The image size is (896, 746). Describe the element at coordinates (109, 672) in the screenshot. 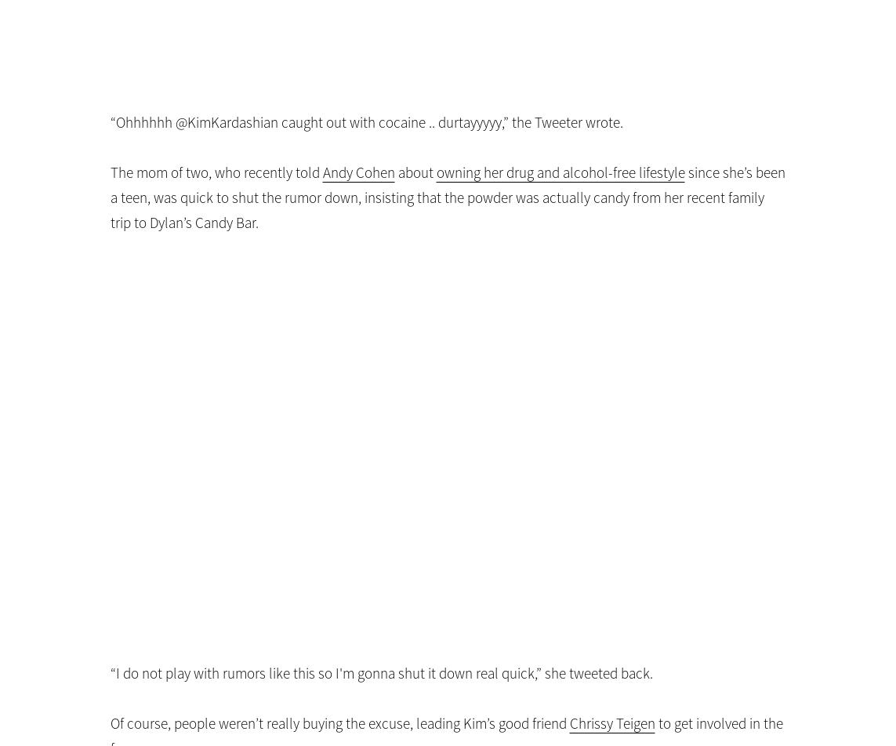

I see `'“I do not play with rumors like this so I'm gonna shut it down real quick,” she tweeted back.'` at that location.